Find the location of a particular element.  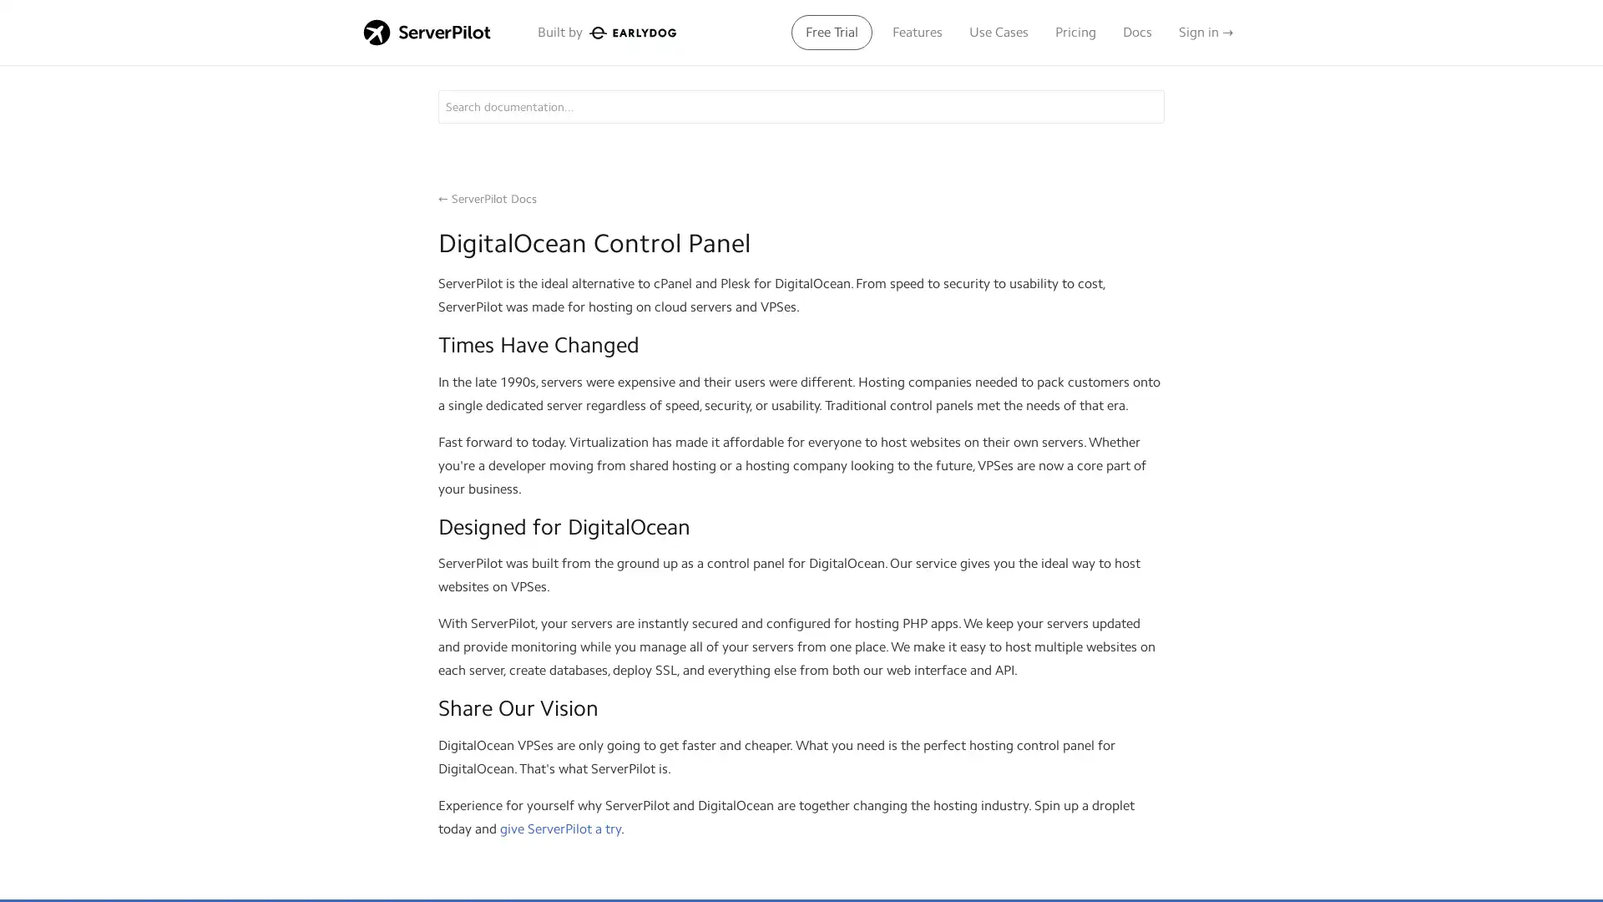

Sign in is located at coordinates (1206, 32).